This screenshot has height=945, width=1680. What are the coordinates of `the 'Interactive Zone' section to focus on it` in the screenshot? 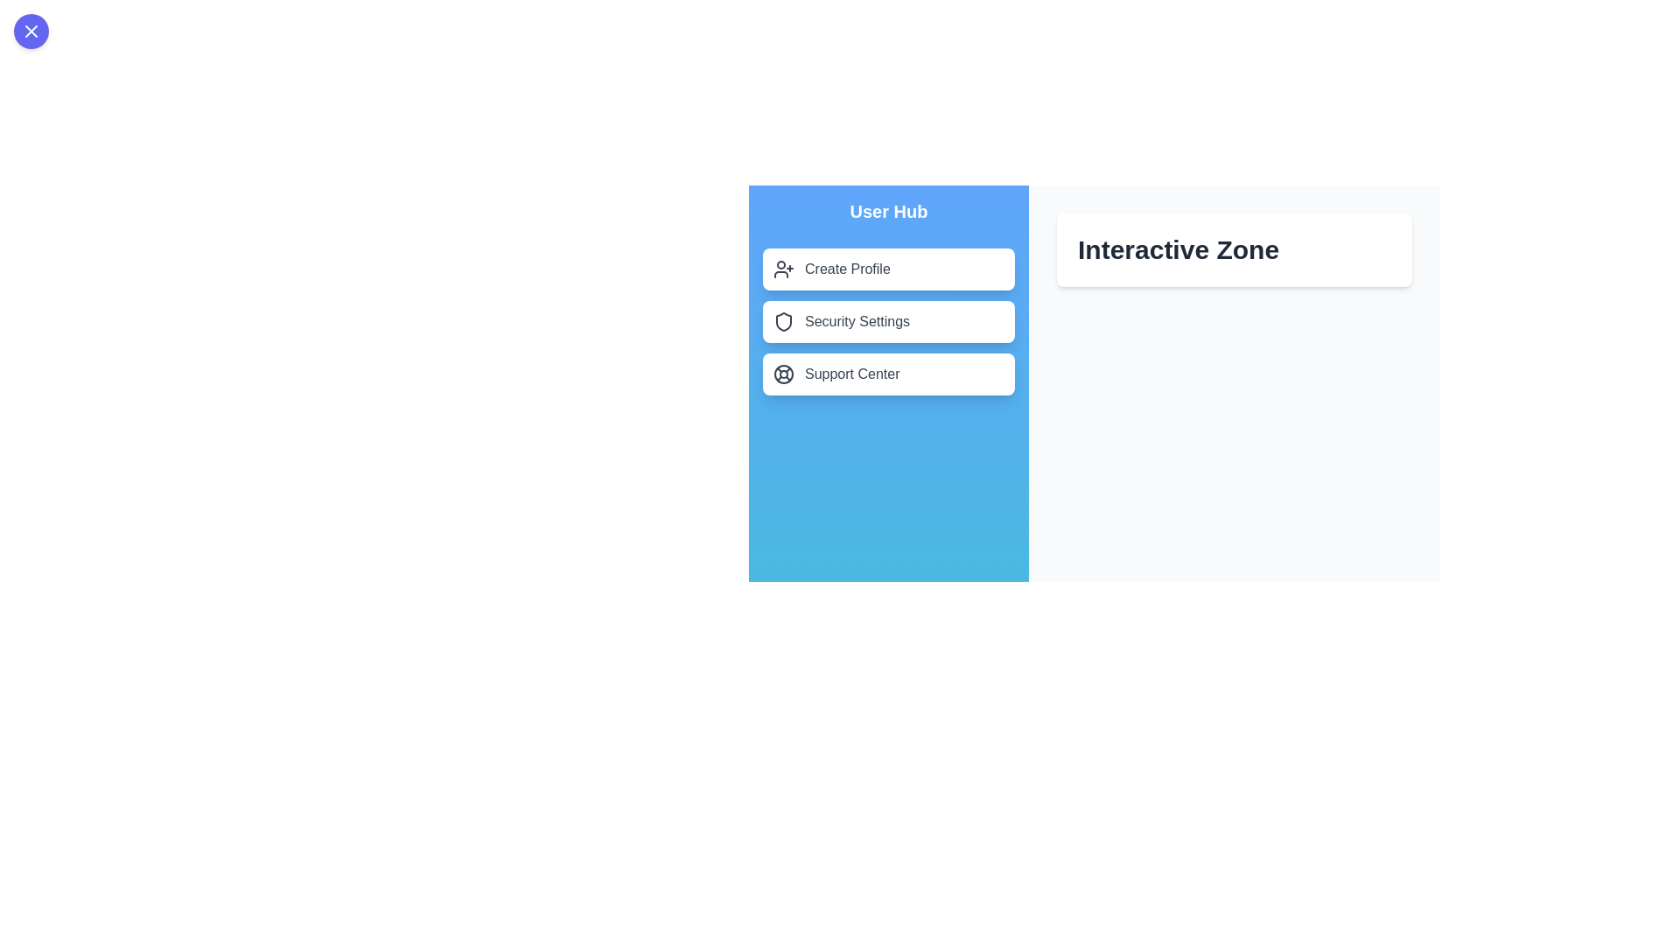 It's located at (1234, 249).